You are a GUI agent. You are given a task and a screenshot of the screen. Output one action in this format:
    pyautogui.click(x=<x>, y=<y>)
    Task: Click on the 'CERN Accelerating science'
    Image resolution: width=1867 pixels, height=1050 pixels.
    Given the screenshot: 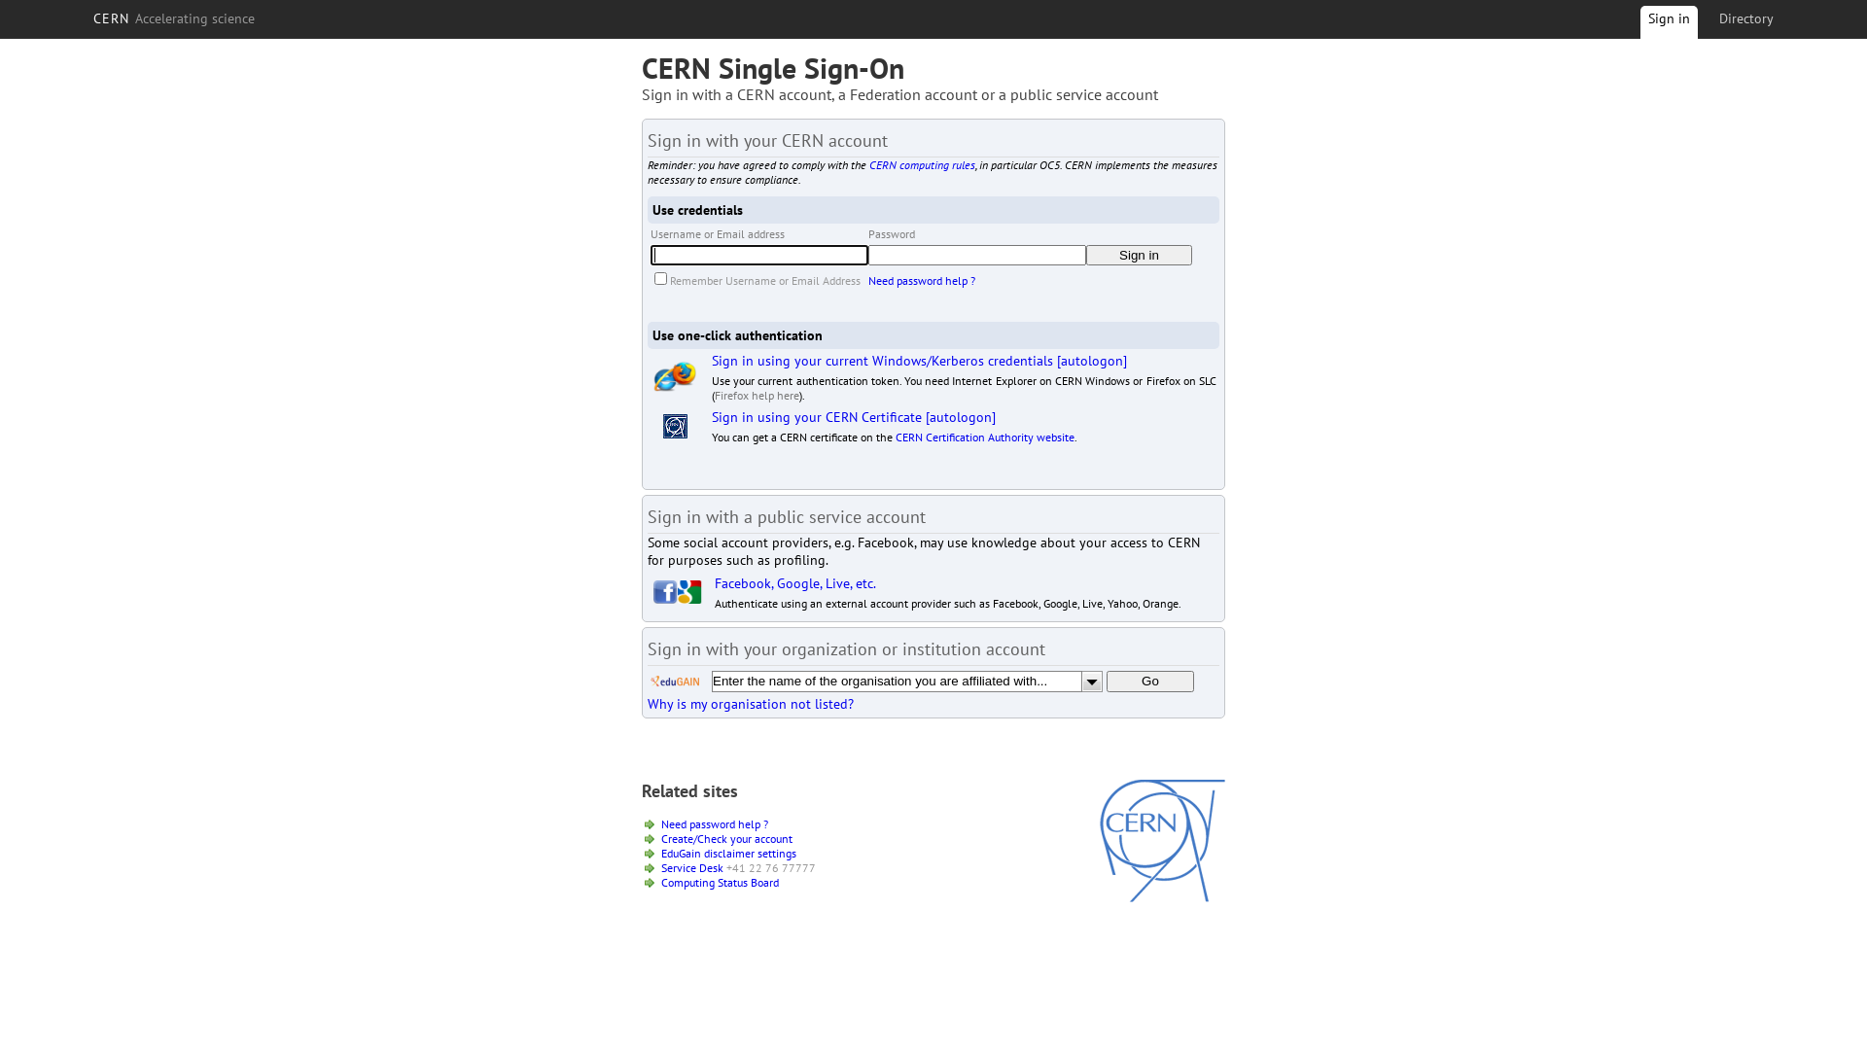 What is the action you would take?
    pyautogui.click(x=173, y=18)
    